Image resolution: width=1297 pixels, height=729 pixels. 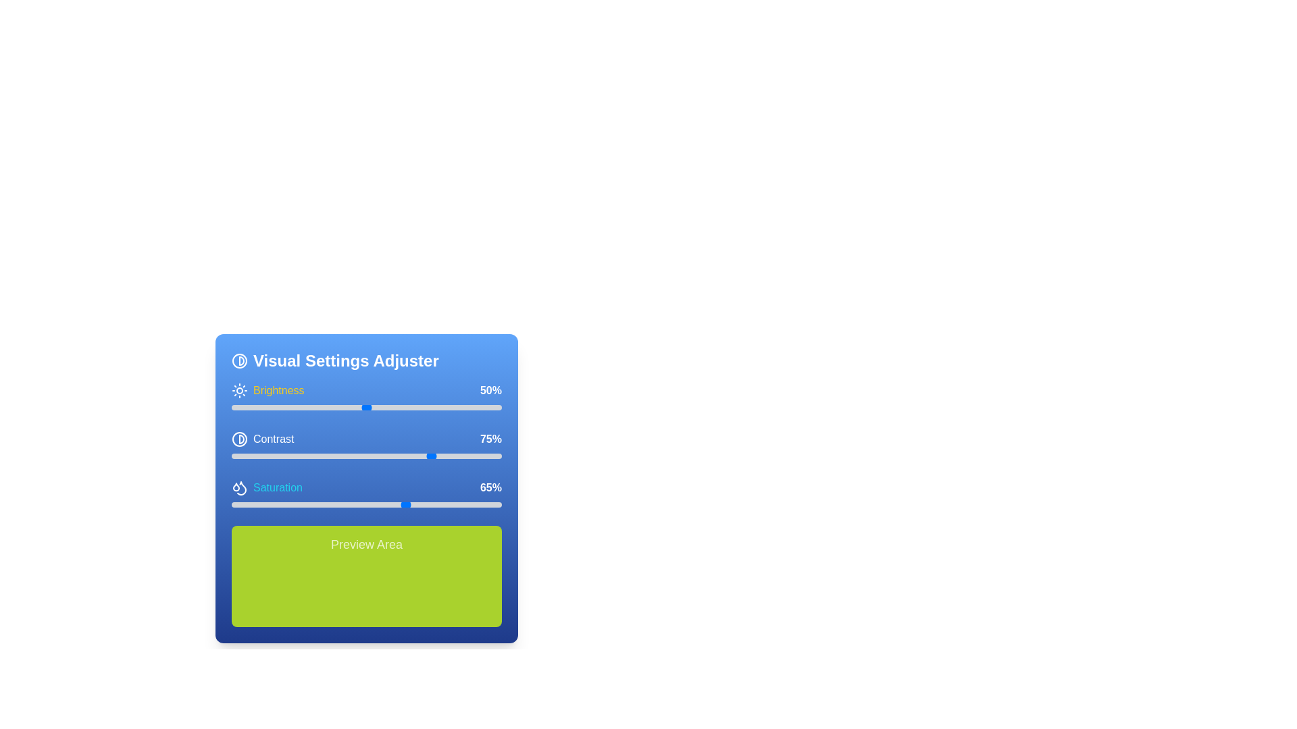 What do you see at coordinates (240, 390) in the screenshot?
I see `the circular bright sun icon with a white outline and blue backdrop, located to the left of the 'Brightness' text label in the visual settings adjuster group` at bounding box center [240, 390].